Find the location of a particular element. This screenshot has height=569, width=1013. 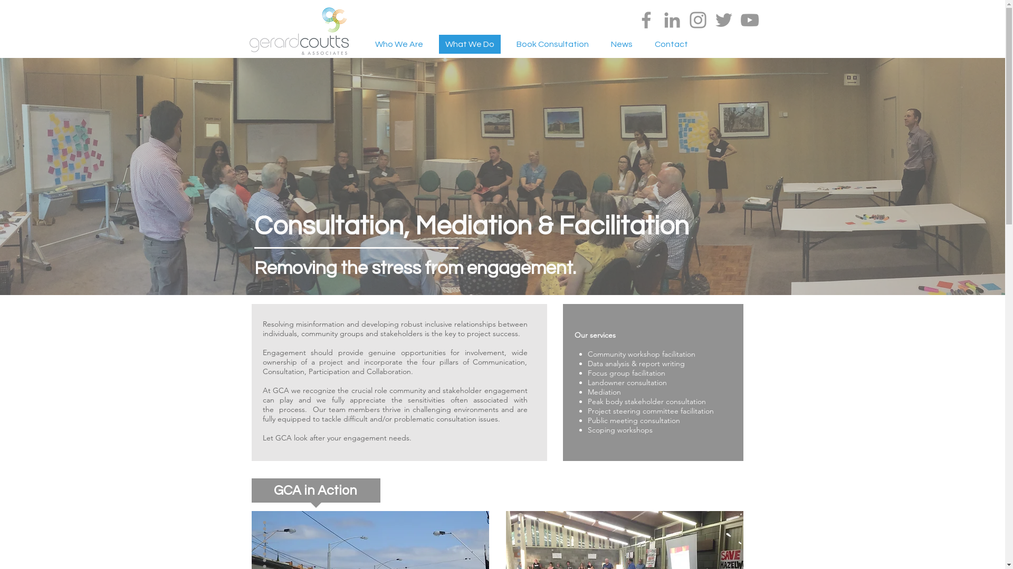

'Contact' is located at coordinates (647, 44).